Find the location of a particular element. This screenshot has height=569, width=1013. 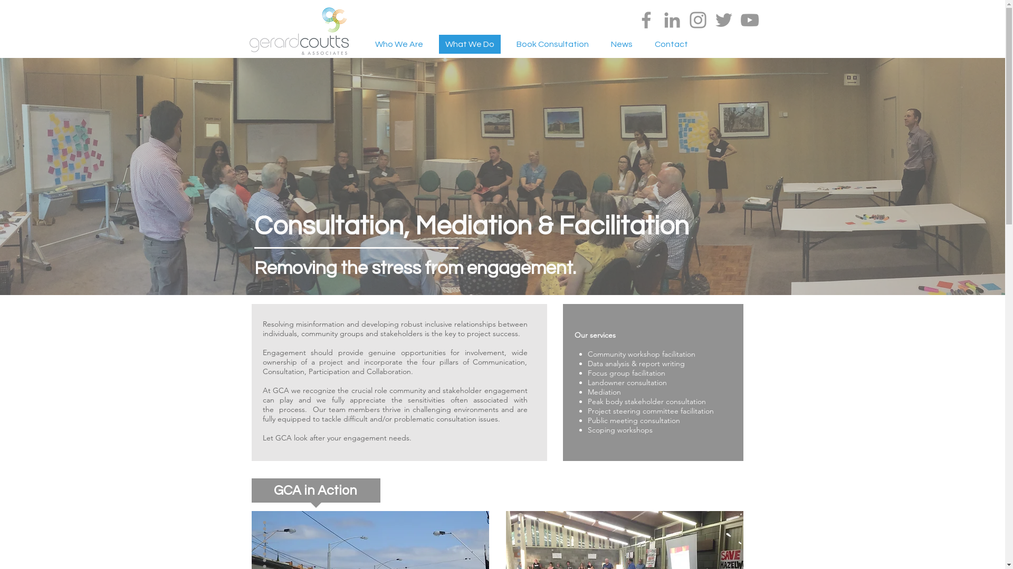

'Contact' is located at coordinates (647, 44).